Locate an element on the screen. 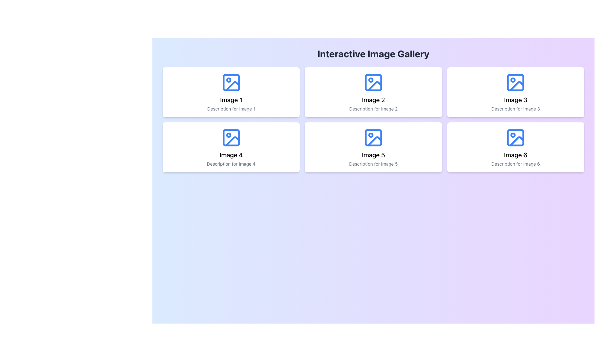 This screenshot has width=616, height=346. the small rectangle with rounded corners located inside the image frame icon in the second card labeled 'Image 2' is located at coordinates (373, 82).